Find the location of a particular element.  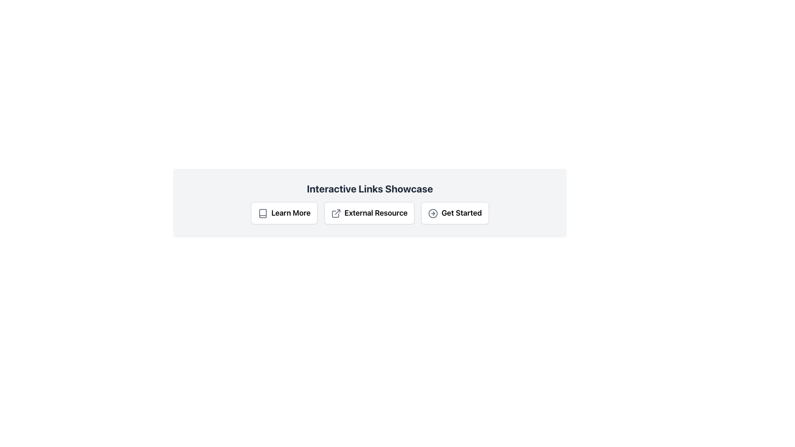

the 'Get Started' button, which is the third button in a horizontal row of buttons labeled 'Learn More', 'External Resource', and 'Get Started', located in the section titled 'Interactive Links Showcase' is located at coordinates (455, 213).